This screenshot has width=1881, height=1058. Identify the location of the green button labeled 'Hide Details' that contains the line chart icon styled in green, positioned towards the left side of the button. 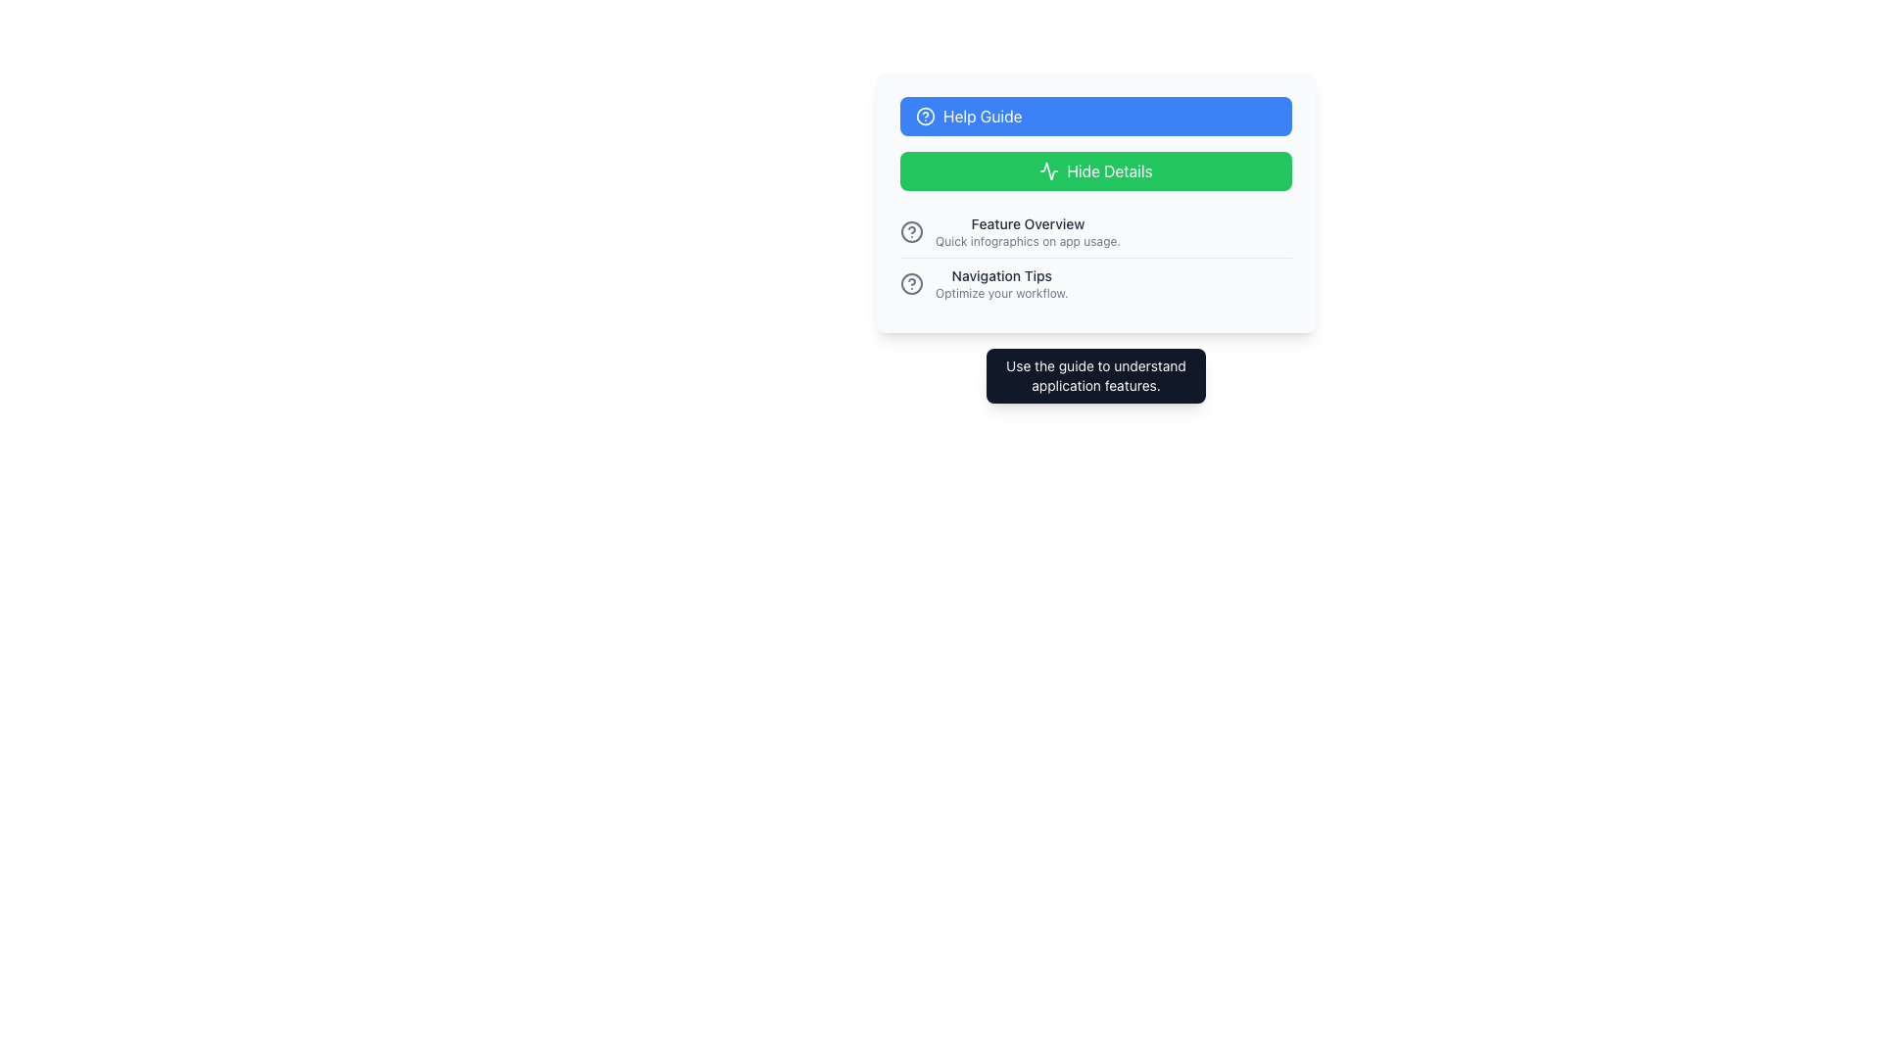
(1047, 169).